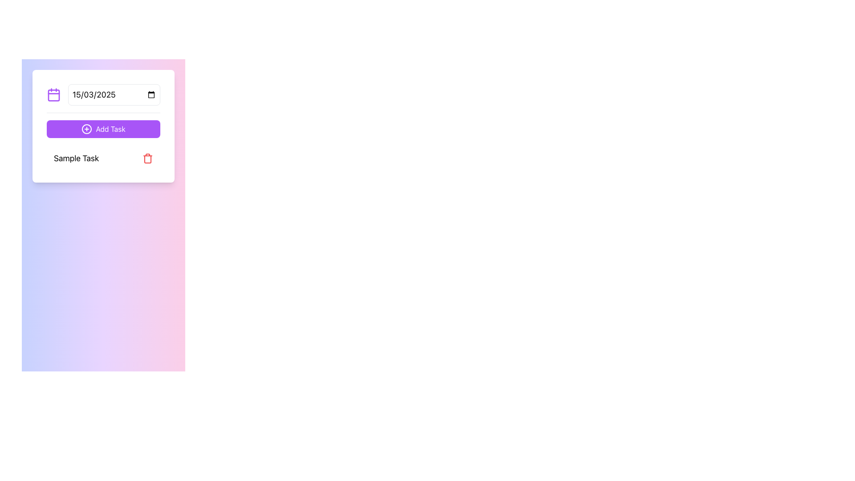 The image size is (855, 481). Describe the element at coordinates (87, 129) in the screenshot. I see `the decorative icon located to the left side of the 'Add Task' button, which enhances its visual representation` at that location.